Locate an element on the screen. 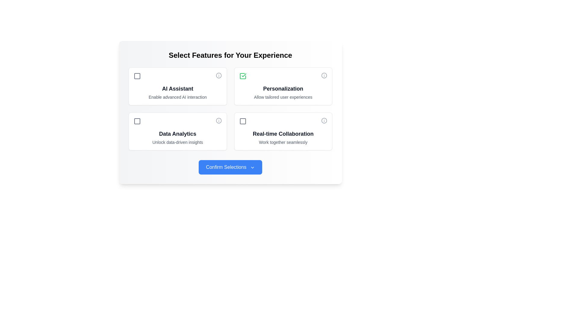 This screenshot has height=325, width=578. the supplementary descriptive text located directly beneath the 'Data Analytics' heading in the bottom-left feature selection panel to trigger any potential tooltip is located at coordinates (177, 142).